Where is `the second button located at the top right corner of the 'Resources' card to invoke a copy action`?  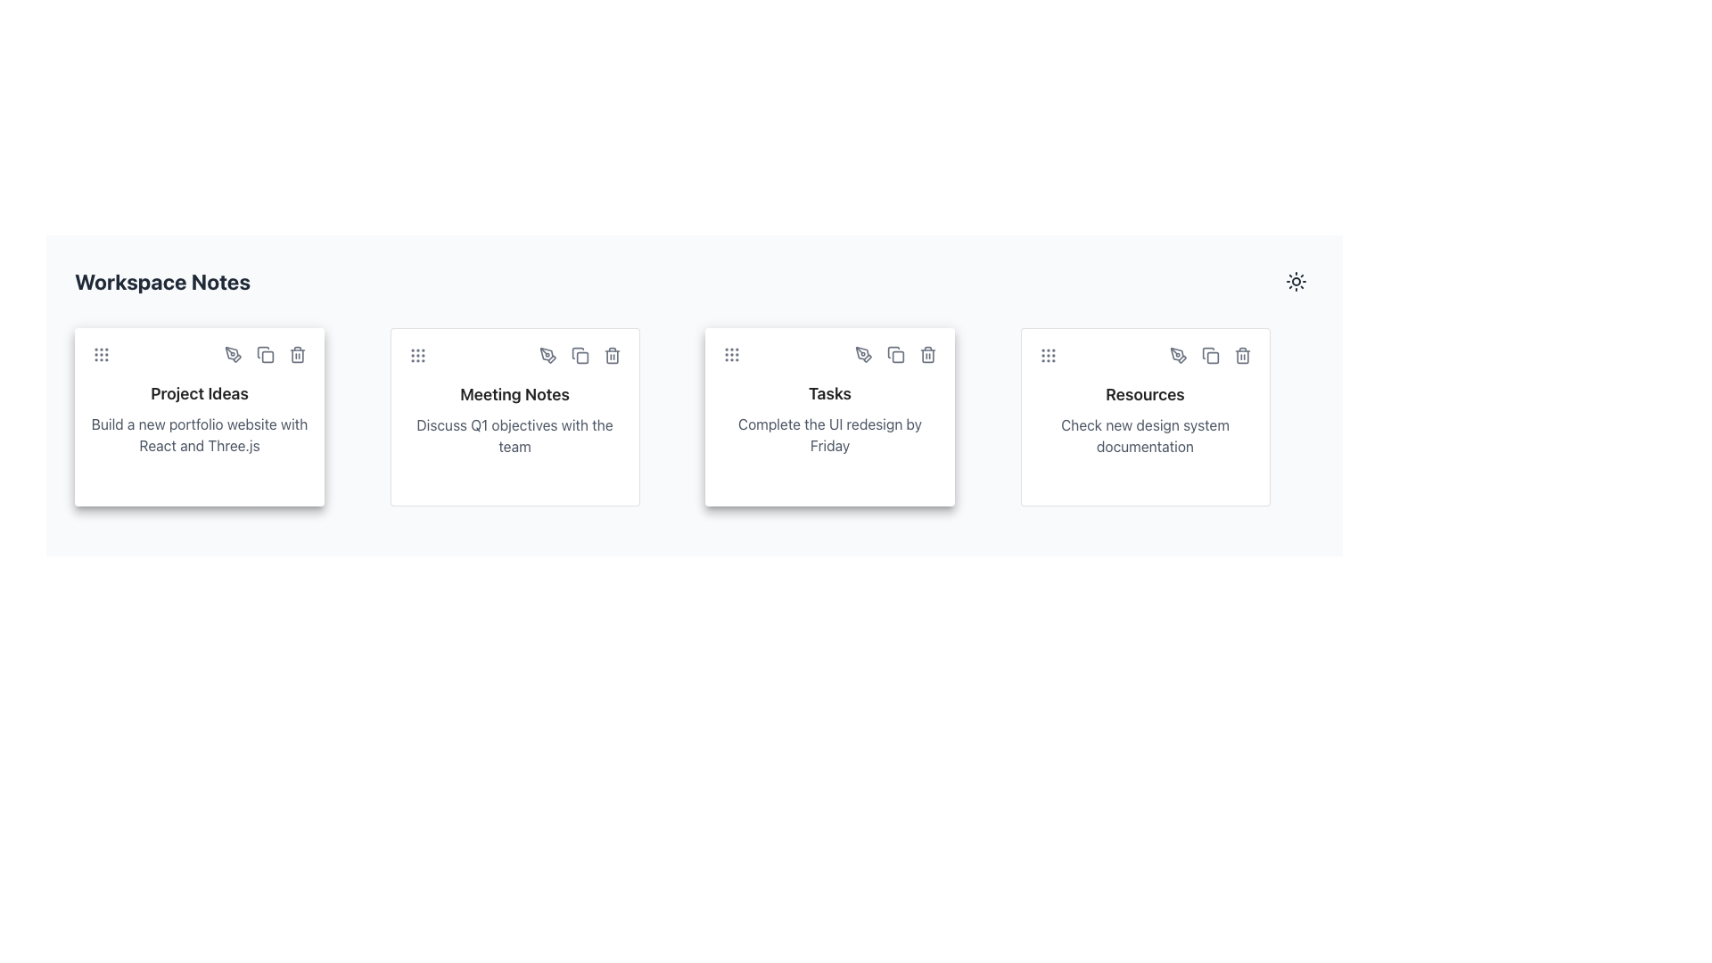 the second button located at the top right corner of the 'Resources' card to invoke a copy action is located at coordinates (1210, 355).